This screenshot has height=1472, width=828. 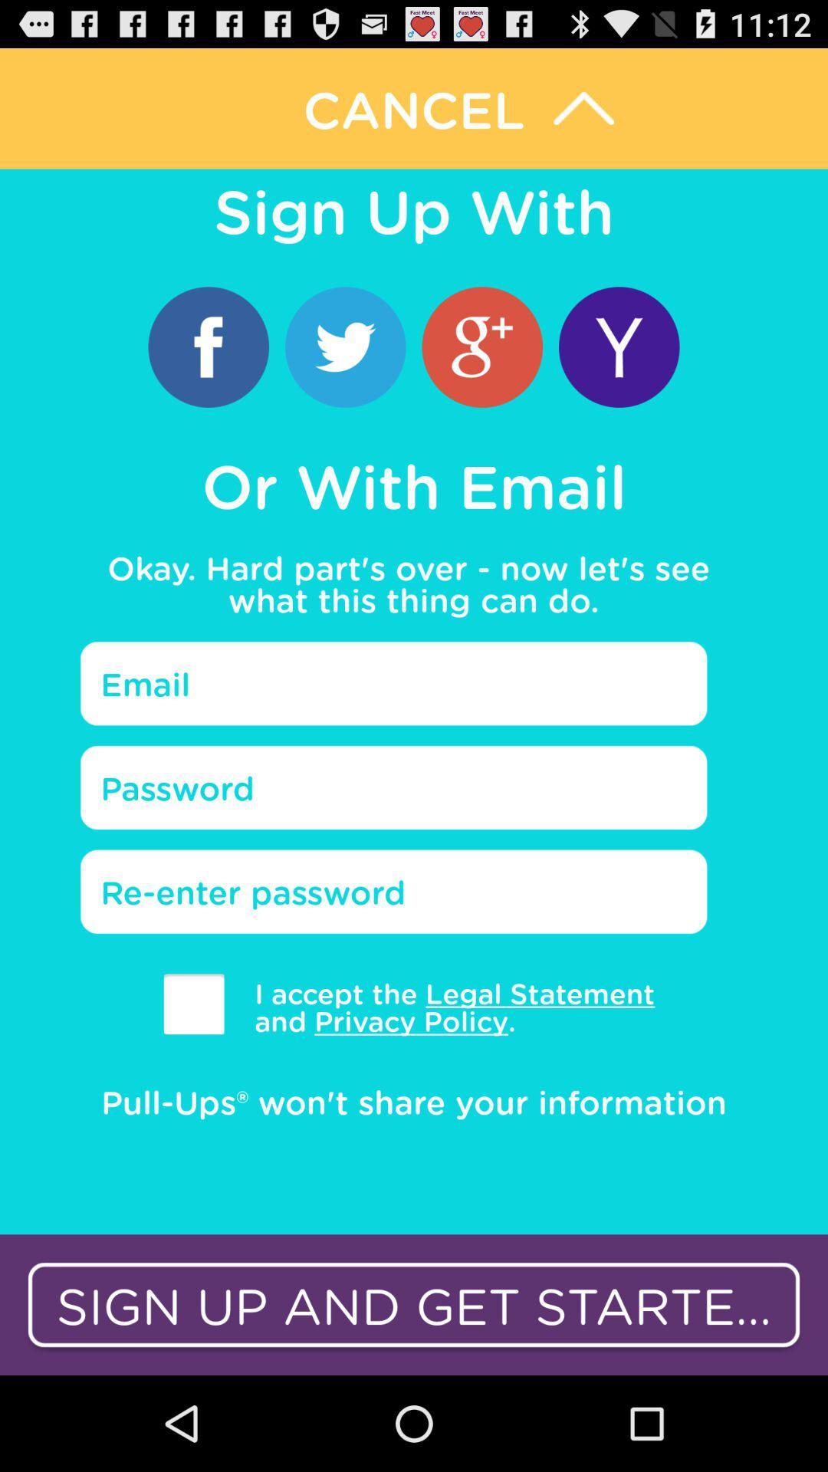 What do you see at coordinates (414, 107) in the screenshot?
I see `cancel an advertisement` at bounding box center [414, 107].